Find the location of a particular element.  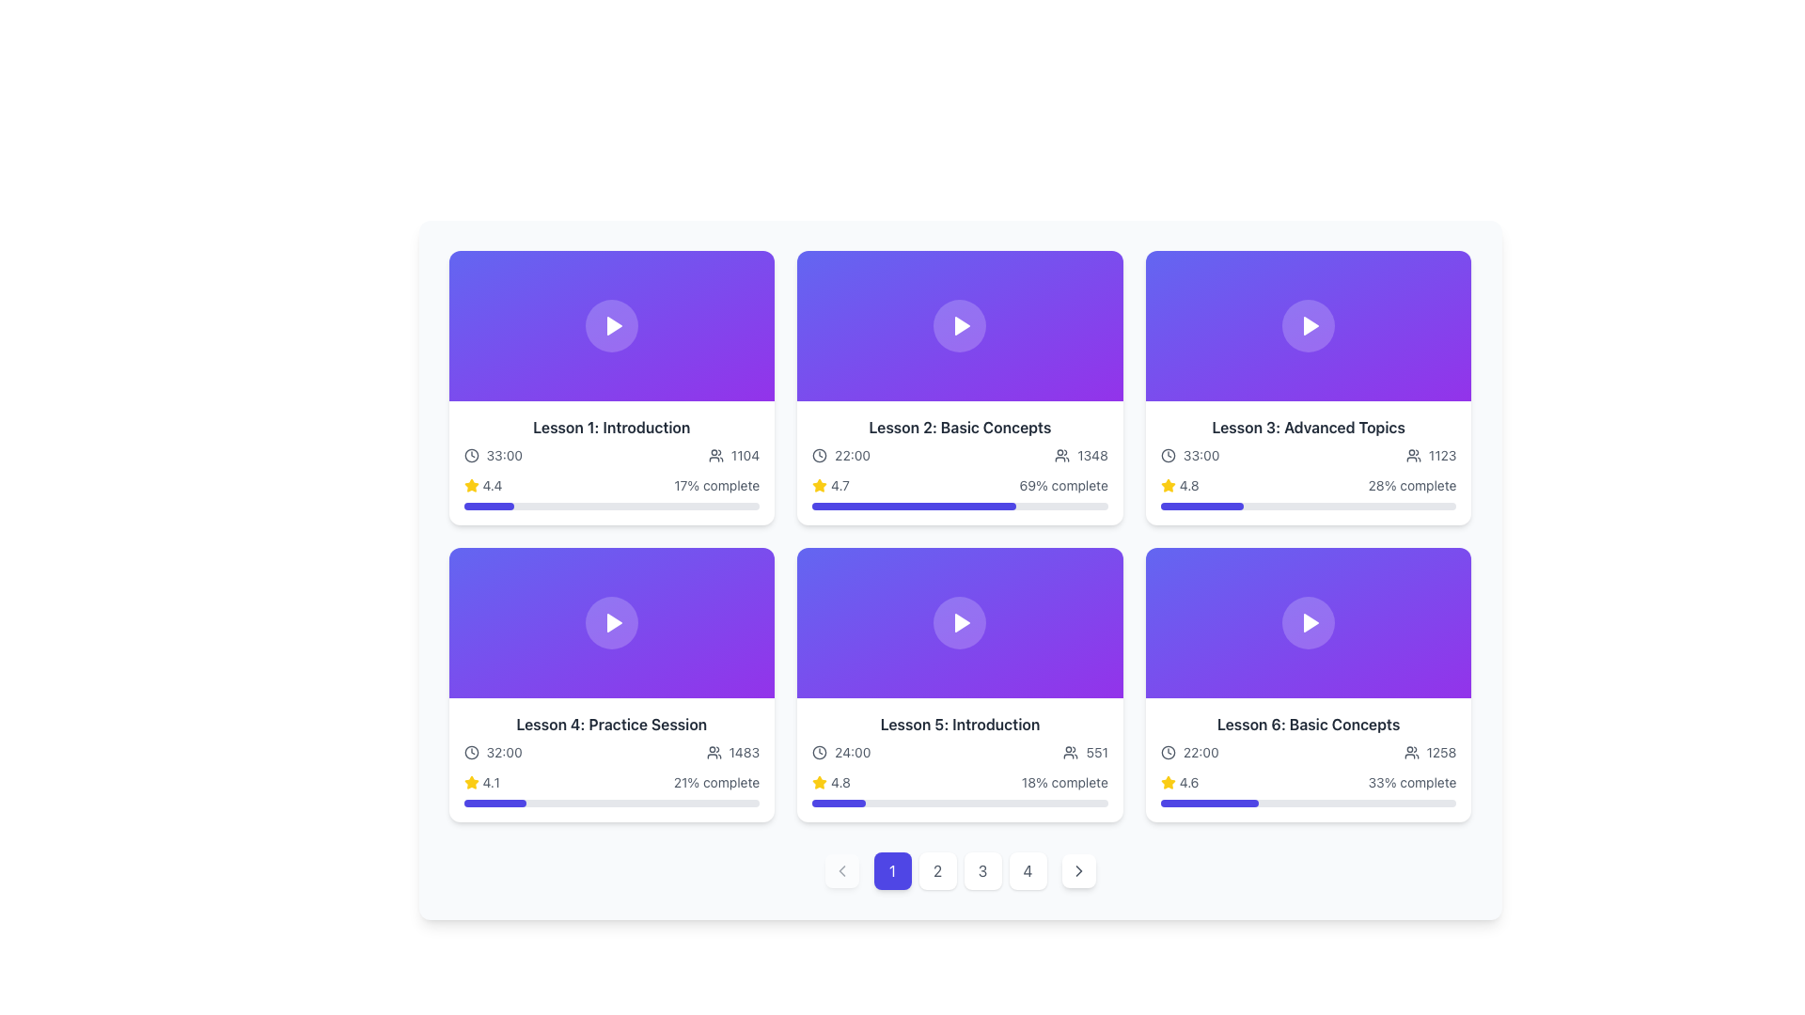

the lesson title text element located in the bottom-right card of the educational interface, positioned beneath the purple video thumbnail is located at coordinates (1308, 724).